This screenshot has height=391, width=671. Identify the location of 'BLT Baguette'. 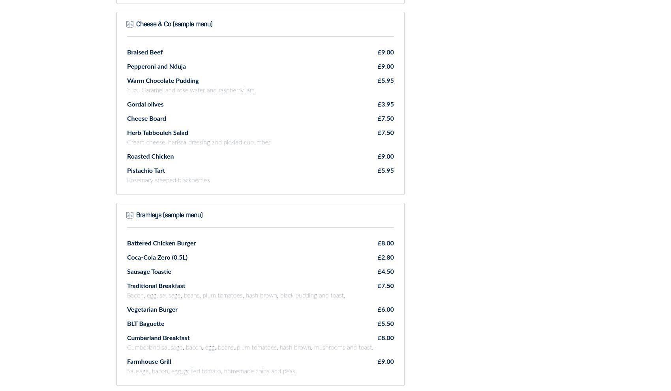
(145, 323).